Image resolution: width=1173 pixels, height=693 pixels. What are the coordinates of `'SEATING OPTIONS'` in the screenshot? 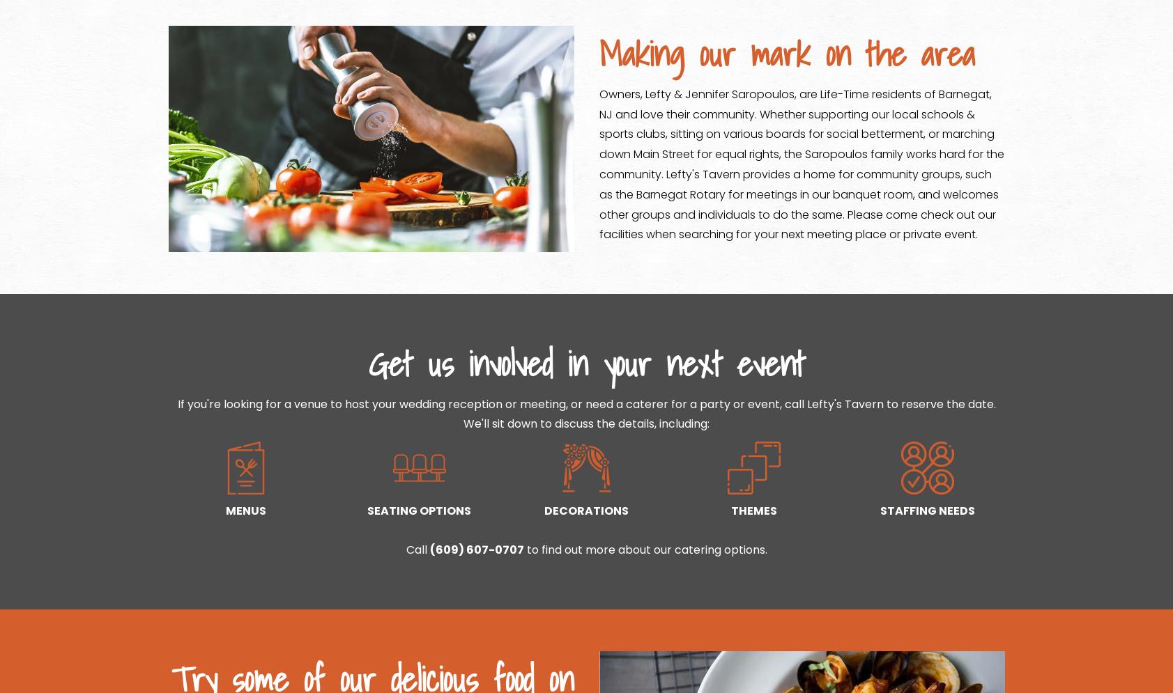 It's located at (418, 510).